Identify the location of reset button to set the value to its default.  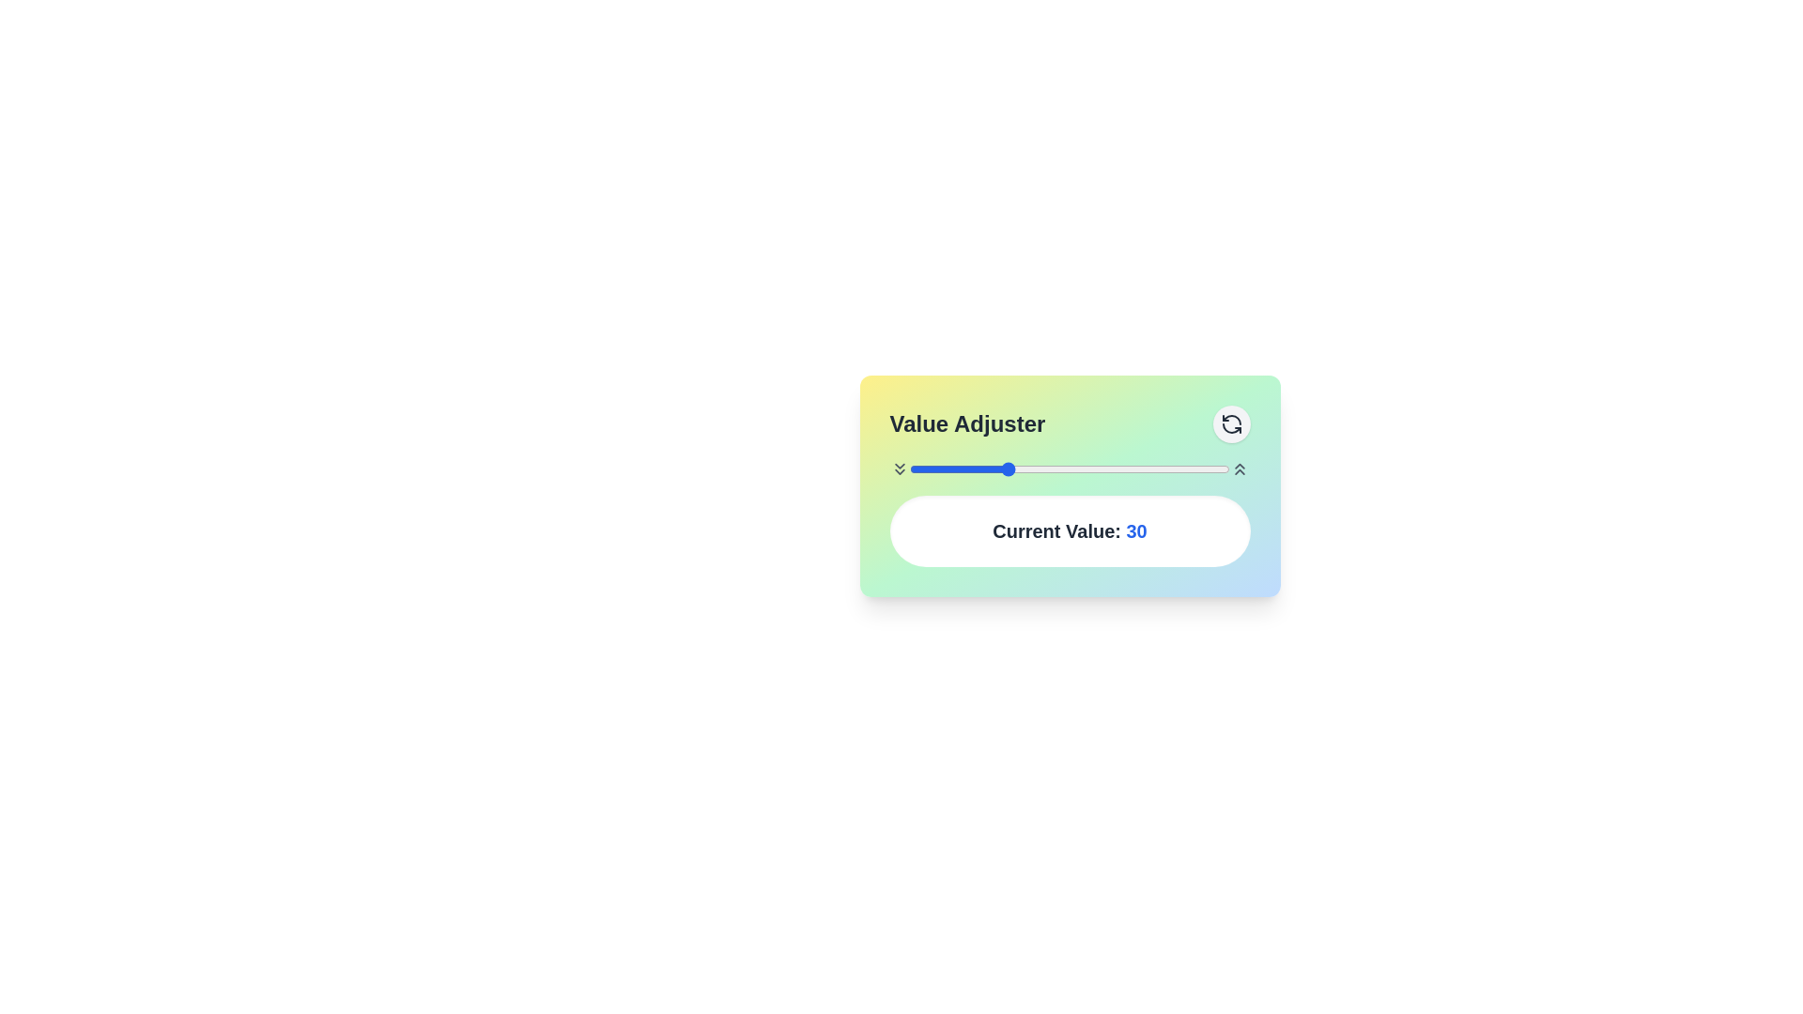
(1231, 423).